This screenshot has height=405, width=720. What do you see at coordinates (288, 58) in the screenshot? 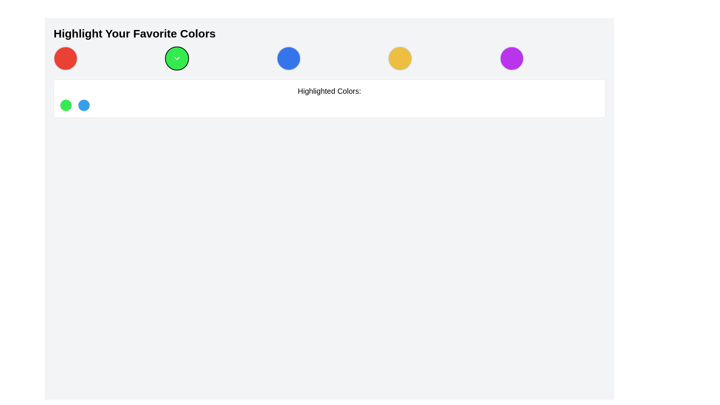
I see `the vibrant blue circular button, which is the third button in a horizontal group of buttons` at bounding box center [288, 58].